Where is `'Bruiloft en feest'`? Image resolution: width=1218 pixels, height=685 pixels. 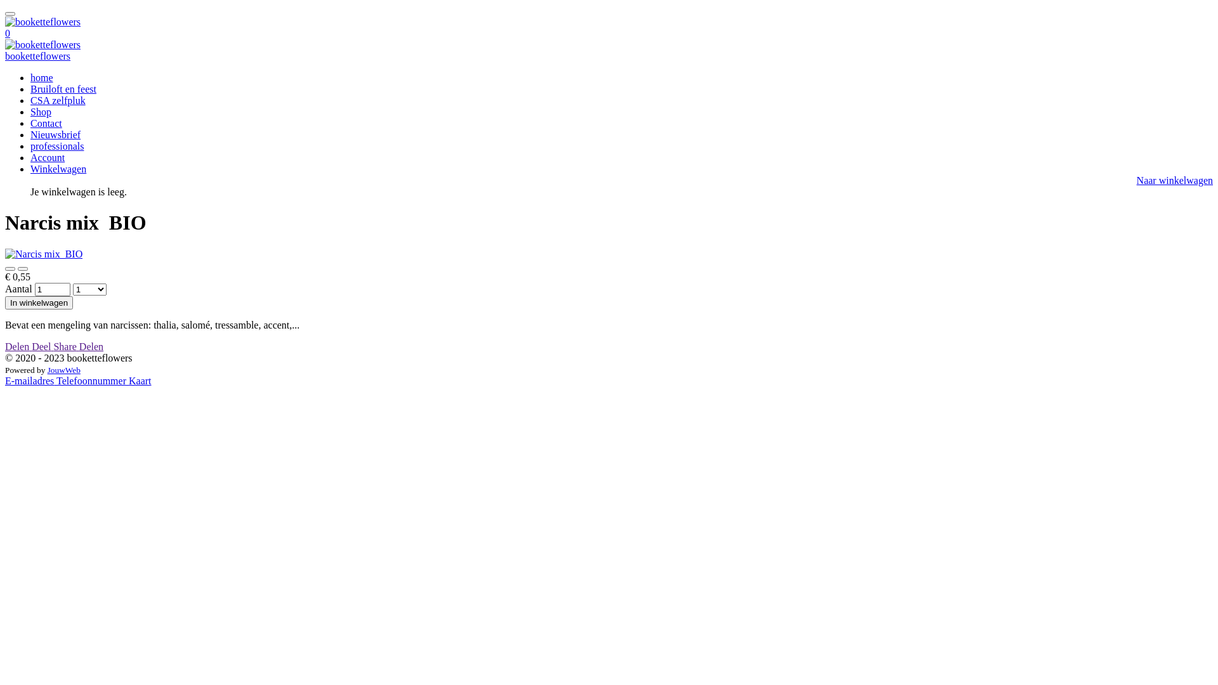
'Bruiloft en feest' is located at coordinates (63, 88).